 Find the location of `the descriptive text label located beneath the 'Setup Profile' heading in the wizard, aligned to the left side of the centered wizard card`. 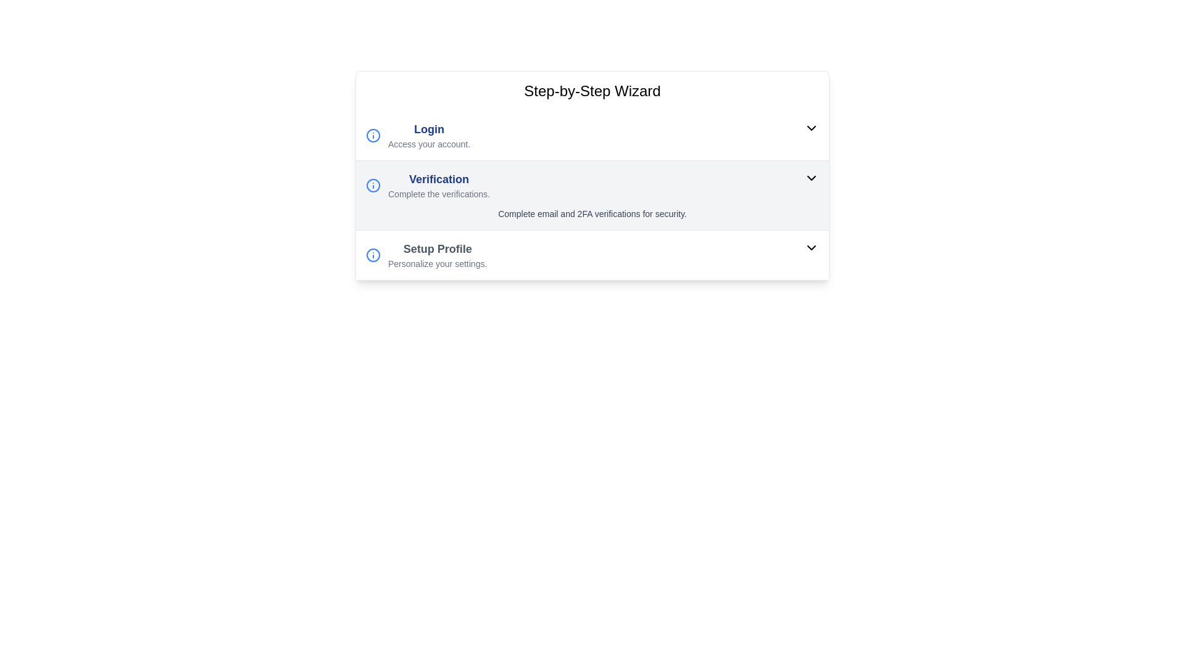

the descriptive text label located beneath the 'Setup Profile' heading in the wizard, aligned to the left side of the centered wizard card is located at coordinates (438, 263).